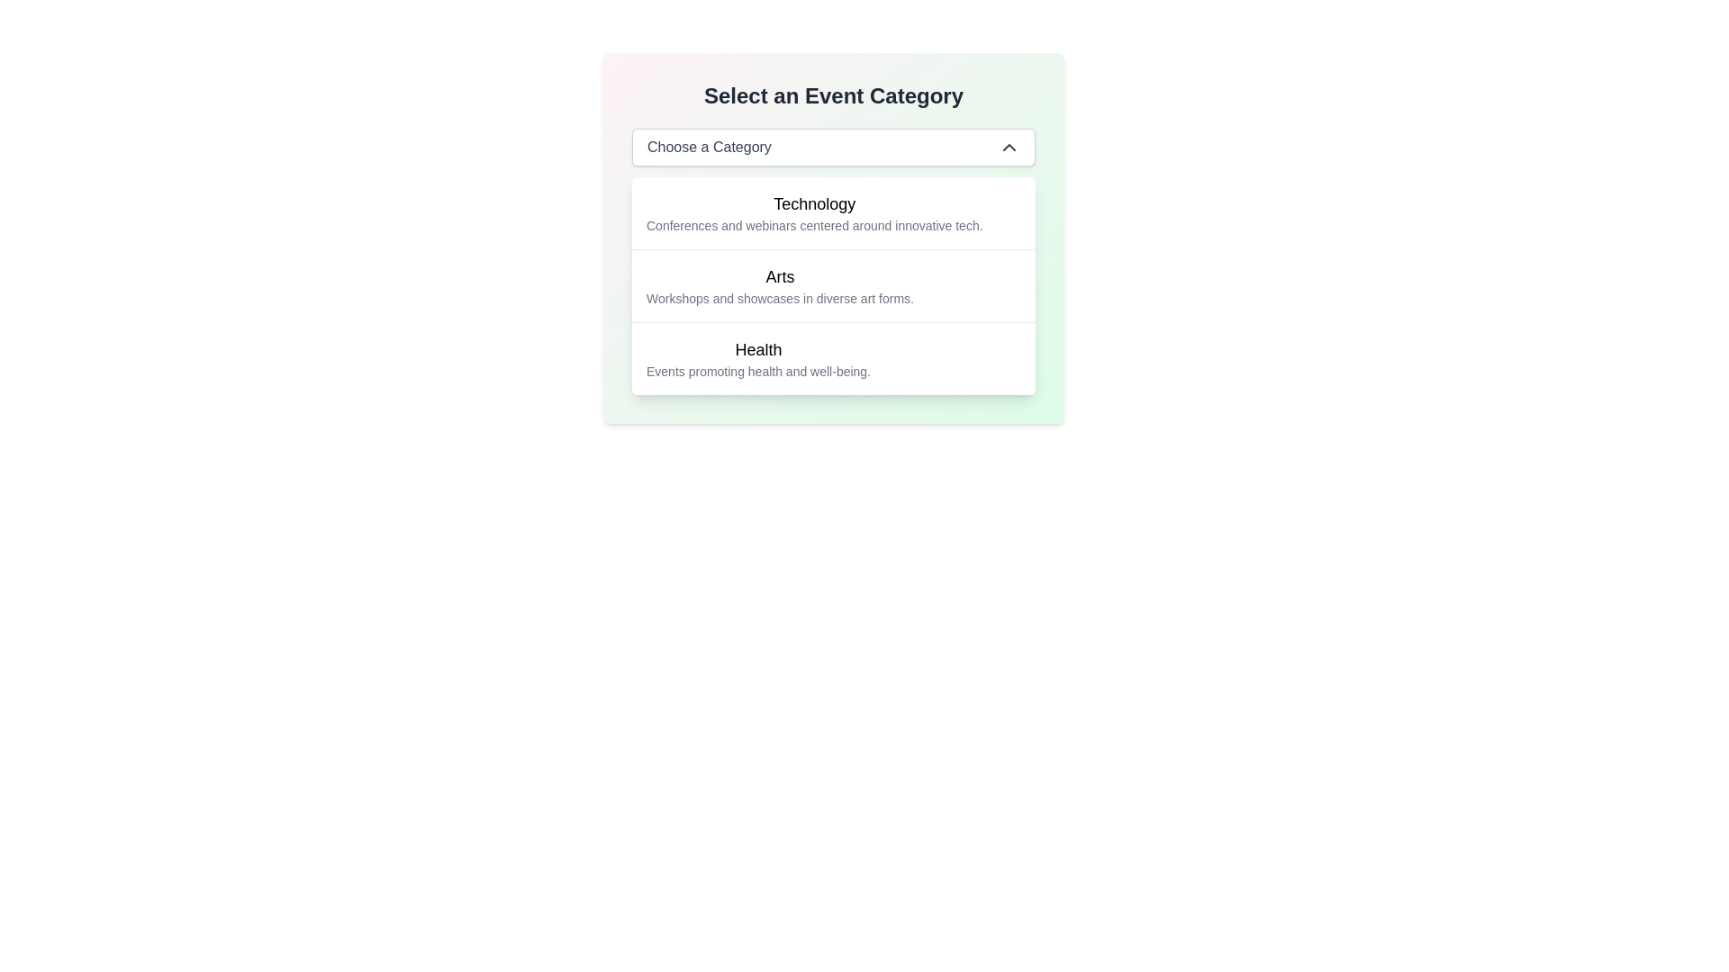 This screenshot has height=972, width=1729. What do you see at coordinates (833, 211) in the screenshot?
I see `the 'Technology' list item option` at bounding box center [833, 211].